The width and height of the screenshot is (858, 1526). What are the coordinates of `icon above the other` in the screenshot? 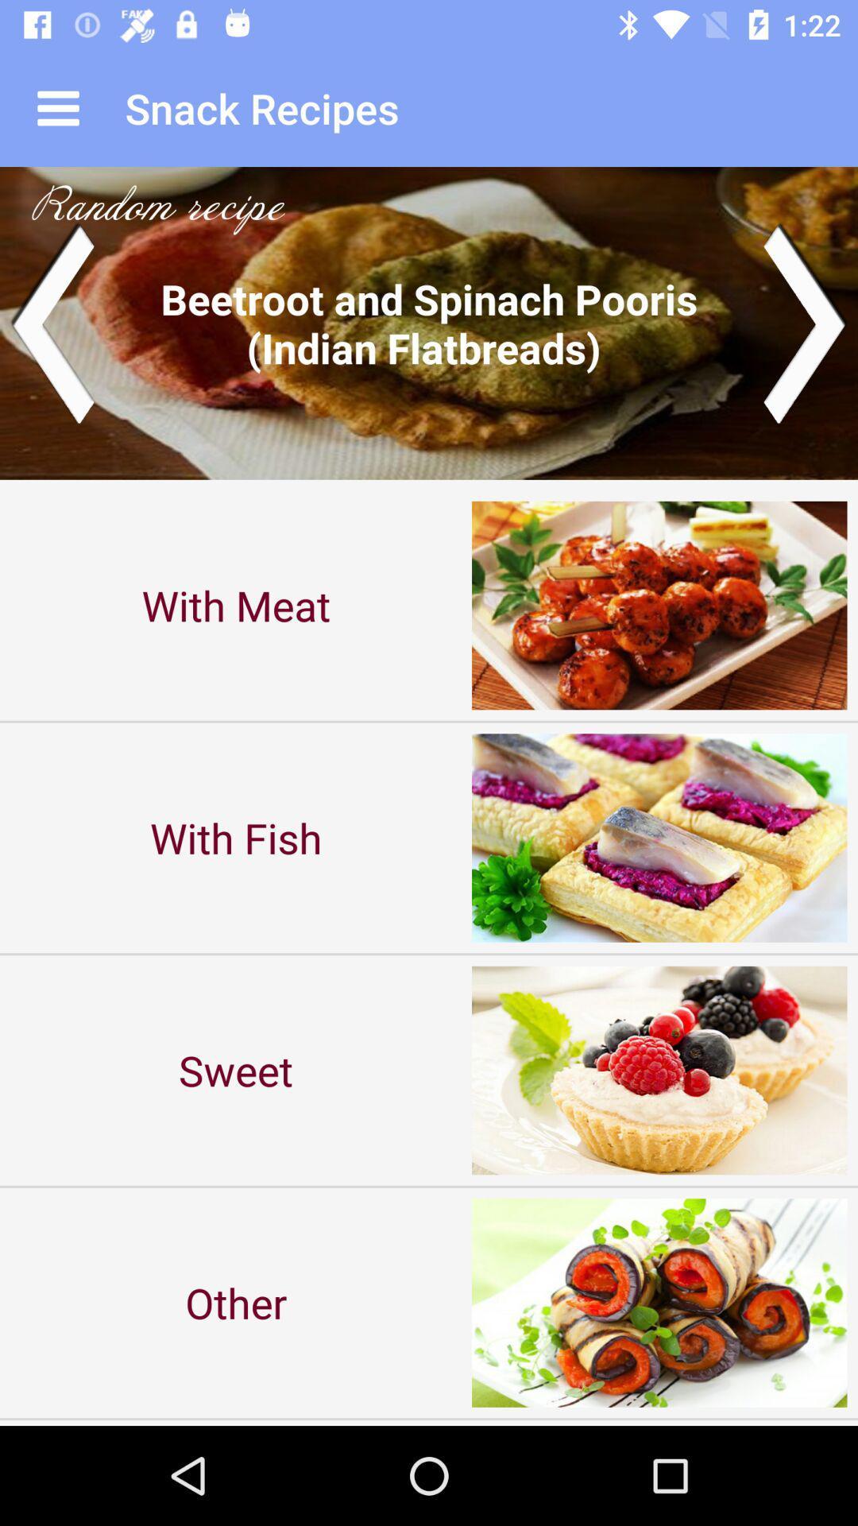 It's located at (236, 1070).